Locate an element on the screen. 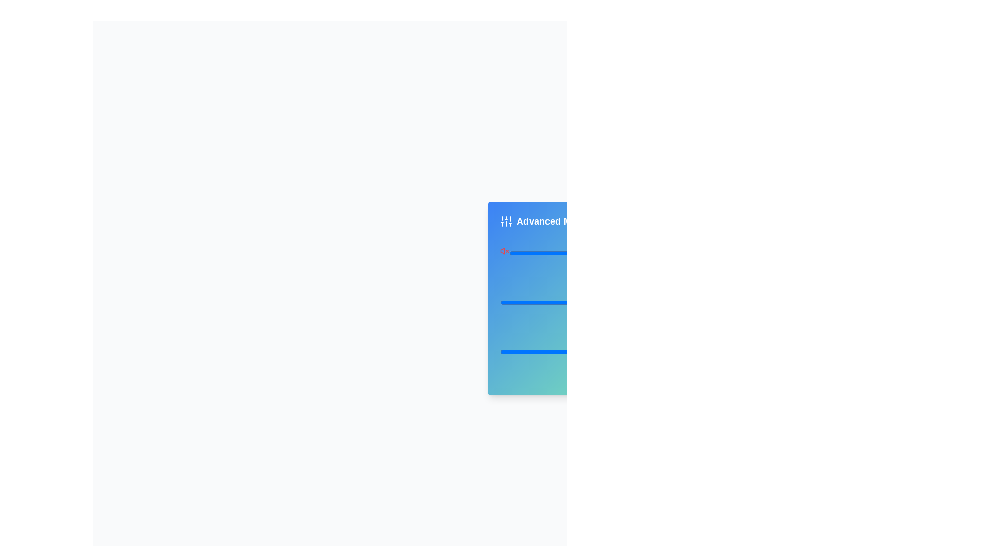 Image resolution: width=988 pixels, height=555 pixels. the slider value is located at coordinates (502, 302).